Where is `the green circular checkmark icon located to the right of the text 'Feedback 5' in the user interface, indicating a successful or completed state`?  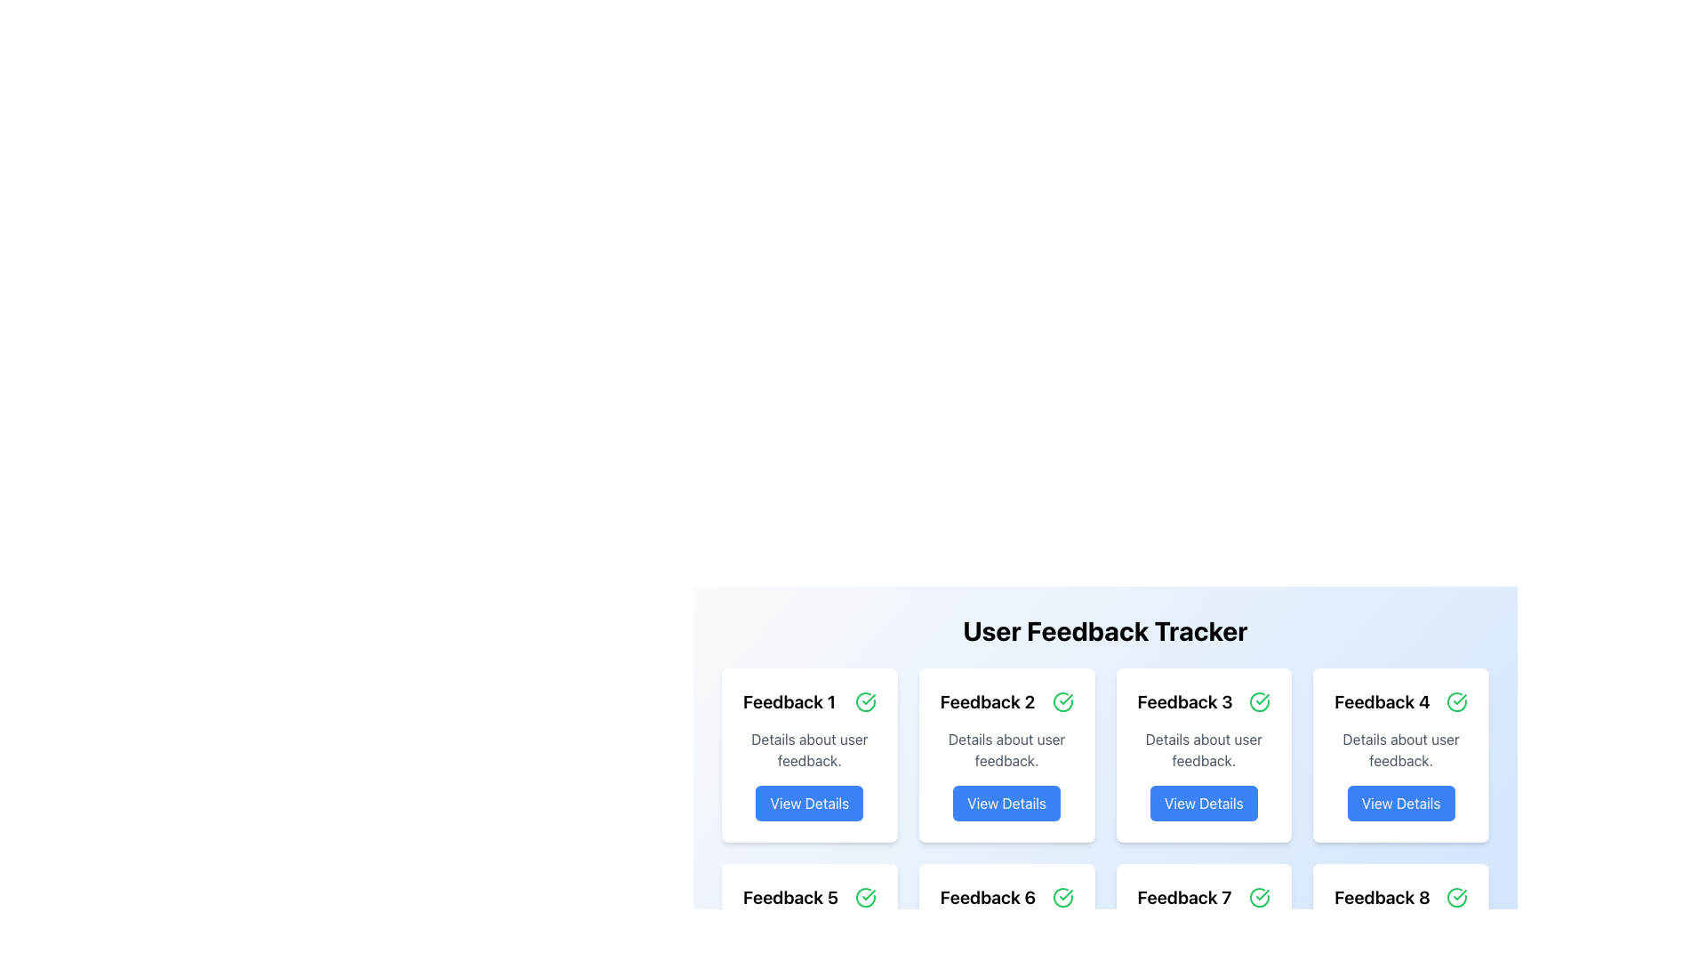
the green circular checkmark icon located to the right of the text 'Feedback 5' in the user interface, indicating a successful or completed state is located at coordinates (865, 898).